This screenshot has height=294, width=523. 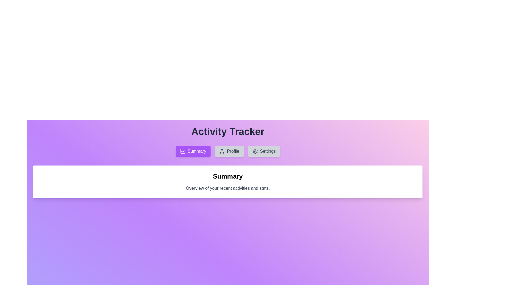 I want to click on the Summary tab by clicking on its respective button, so click(x=193, y=151).